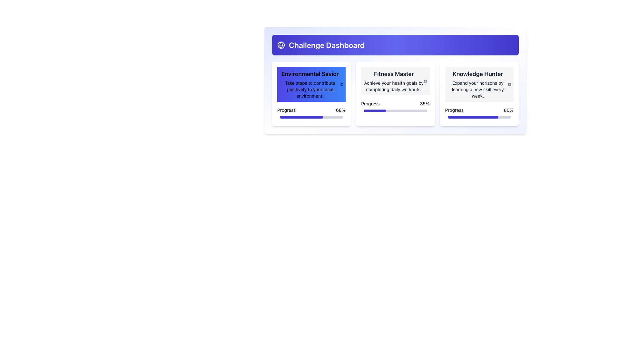  What do you see at coordinates (393, 81) in the screenshot?
I see `text contents of the title 'Fitness Master' and the subtitle 'Achieve your health goals by completing daily workouts' from the central card in the Challenge Dashboard section` at bounding box center [393, 81].